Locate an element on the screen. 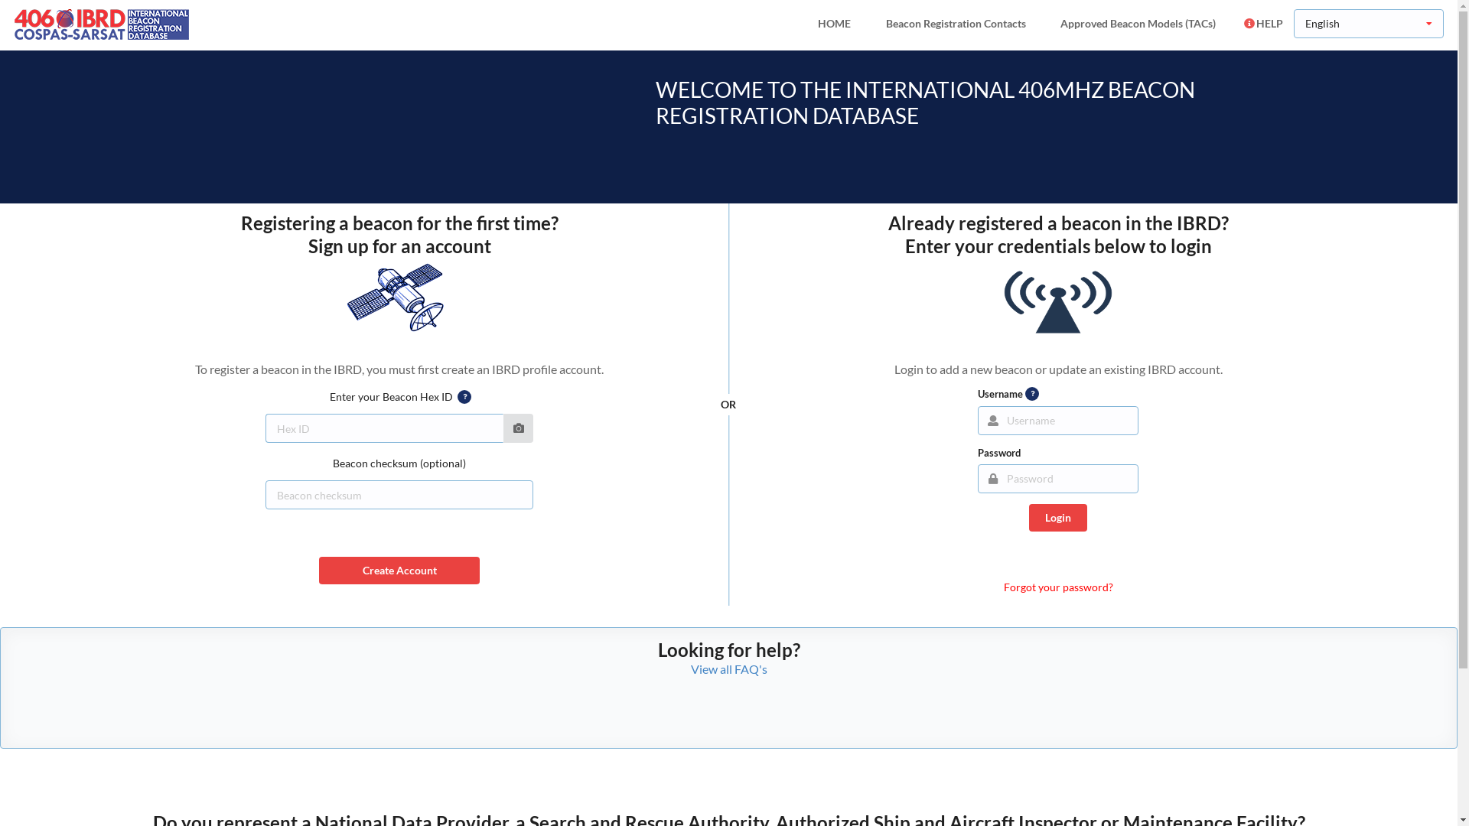 The width and height of the screenshot is (1469, 826). 'Forgot your password?' is located at coordinates (1003, 586).